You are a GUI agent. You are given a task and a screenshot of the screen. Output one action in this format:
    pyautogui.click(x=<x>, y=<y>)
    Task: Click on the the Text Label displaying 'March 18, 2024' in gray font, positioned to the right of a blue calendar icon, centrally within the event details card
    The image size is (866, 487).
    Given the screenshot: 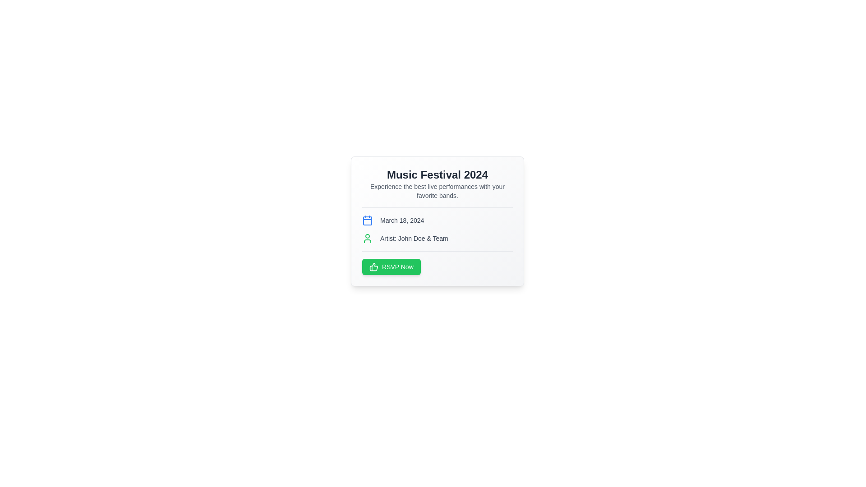 What is the action you would take?
    pyautogui.click(x=401, y=221)
    